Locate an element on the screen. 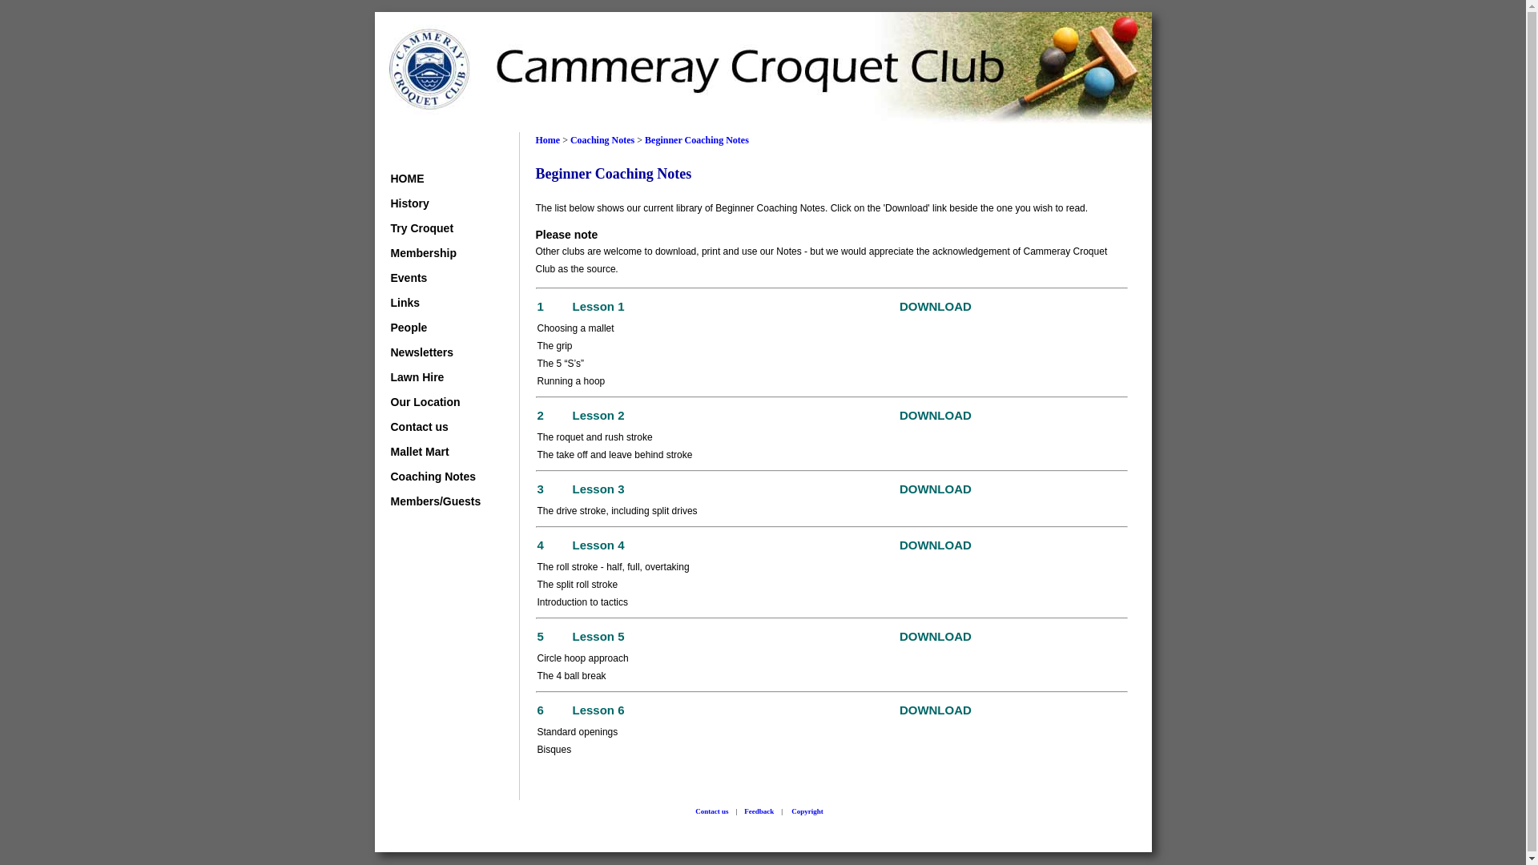 This screenshot has width=1538, height=865. 'History' is located at coordinates (437, 203).